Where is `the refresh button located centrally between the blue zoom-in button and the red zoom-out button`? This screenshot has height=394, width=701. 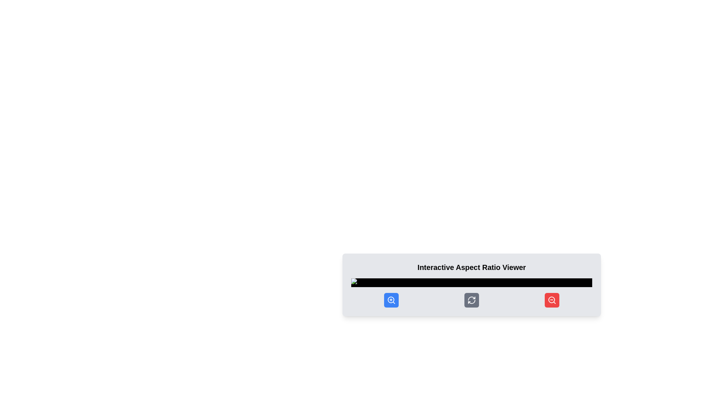
the refresh button located centrally between the blue zoom-in button and the red zoom-out button is located at coordinates (471, 300).